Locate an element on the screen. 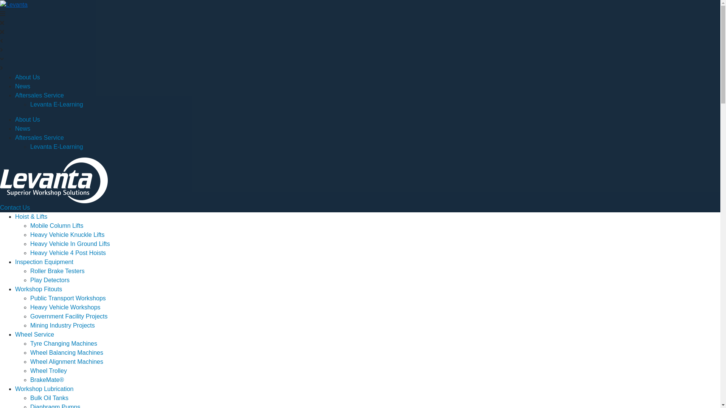 The image size is (726, 408). 'Aftersales Service' is located at coordinates (39, 138).